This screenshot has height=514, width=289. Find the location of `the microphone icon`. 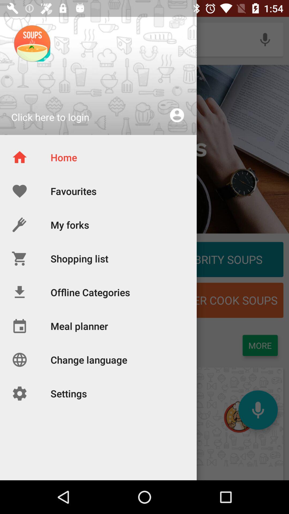

the microphone icon is located at coordinates (265, 39).